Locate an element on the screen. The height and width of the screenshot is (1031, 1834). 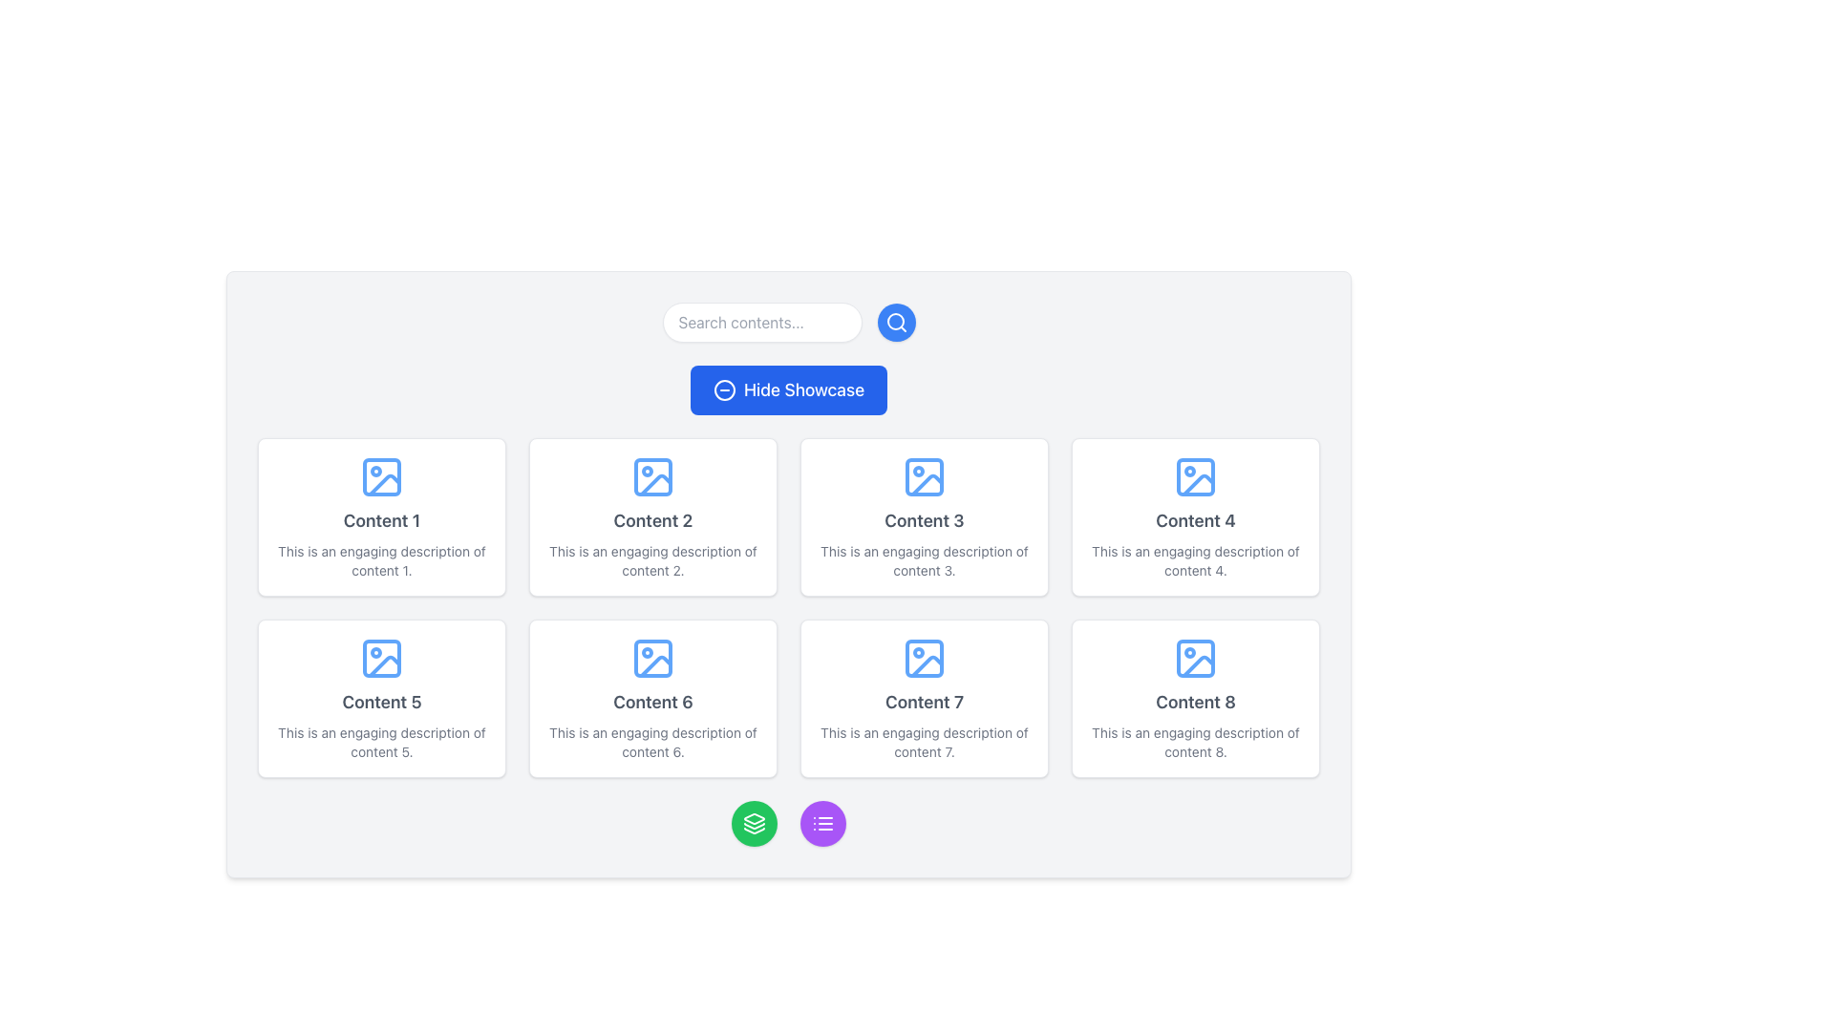
the static text label displaying 'This is an engaging description of content 7.' located at the bottom of the card labeled 'Content 7' is located at coordinates (925, 742).